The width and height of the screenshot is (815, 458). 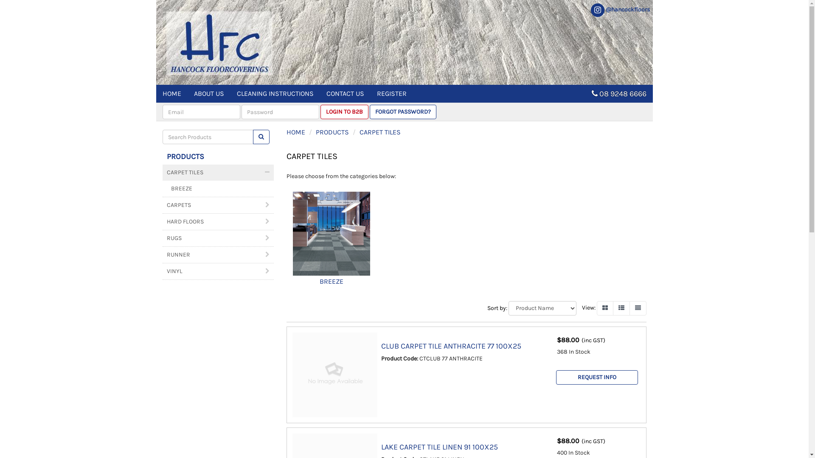 I want to click on 'Request Info', so click(x=556, y=377).